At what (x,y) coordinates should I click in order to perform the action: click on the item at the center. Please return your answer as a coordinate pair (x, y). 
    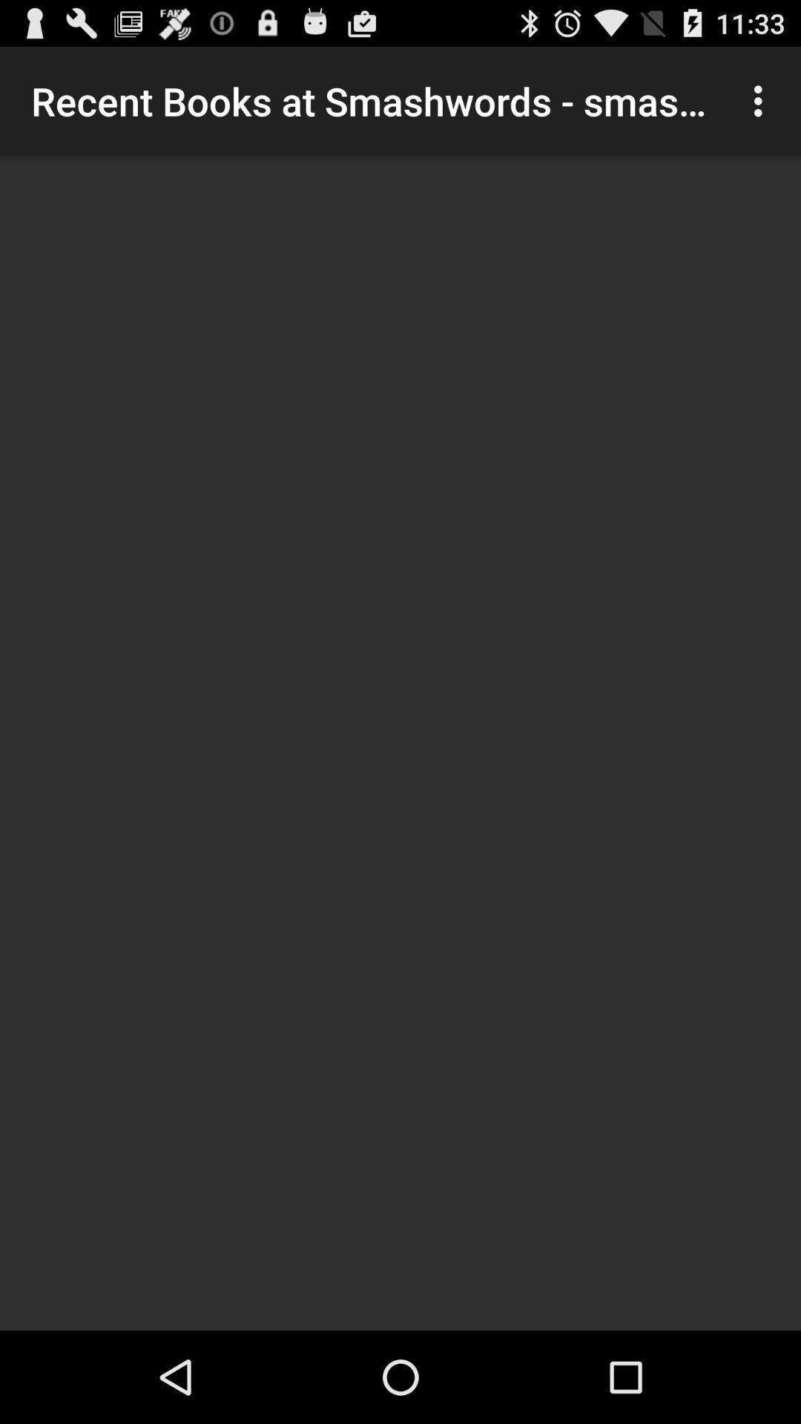
    Looking at the image, I should click on (400, 743).